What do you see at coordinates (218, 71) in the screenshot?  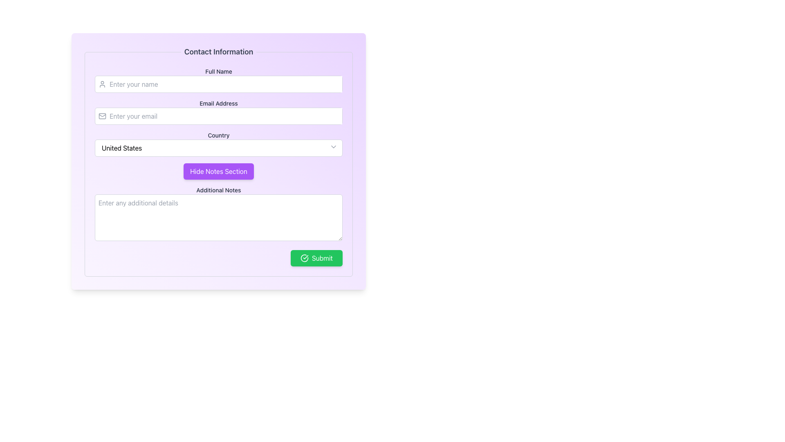 I see `the 'Full Name' text label, which is a bold gray label positioned above the name input field` at bounding box center [218, 71].